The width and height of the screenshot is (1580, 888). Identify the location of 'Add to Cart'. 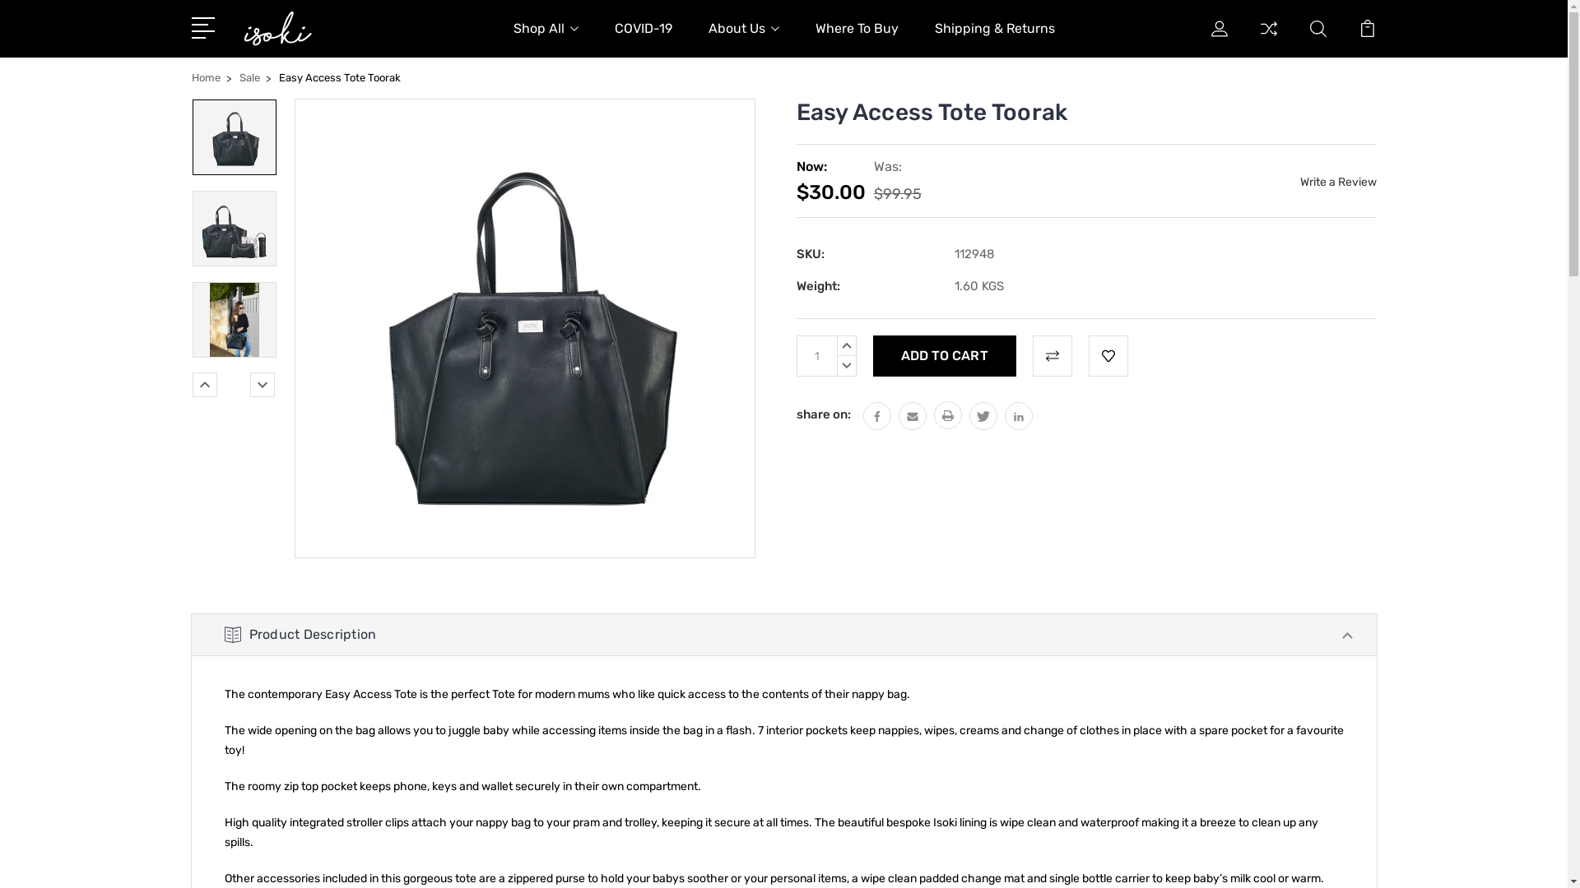
(944, 354).